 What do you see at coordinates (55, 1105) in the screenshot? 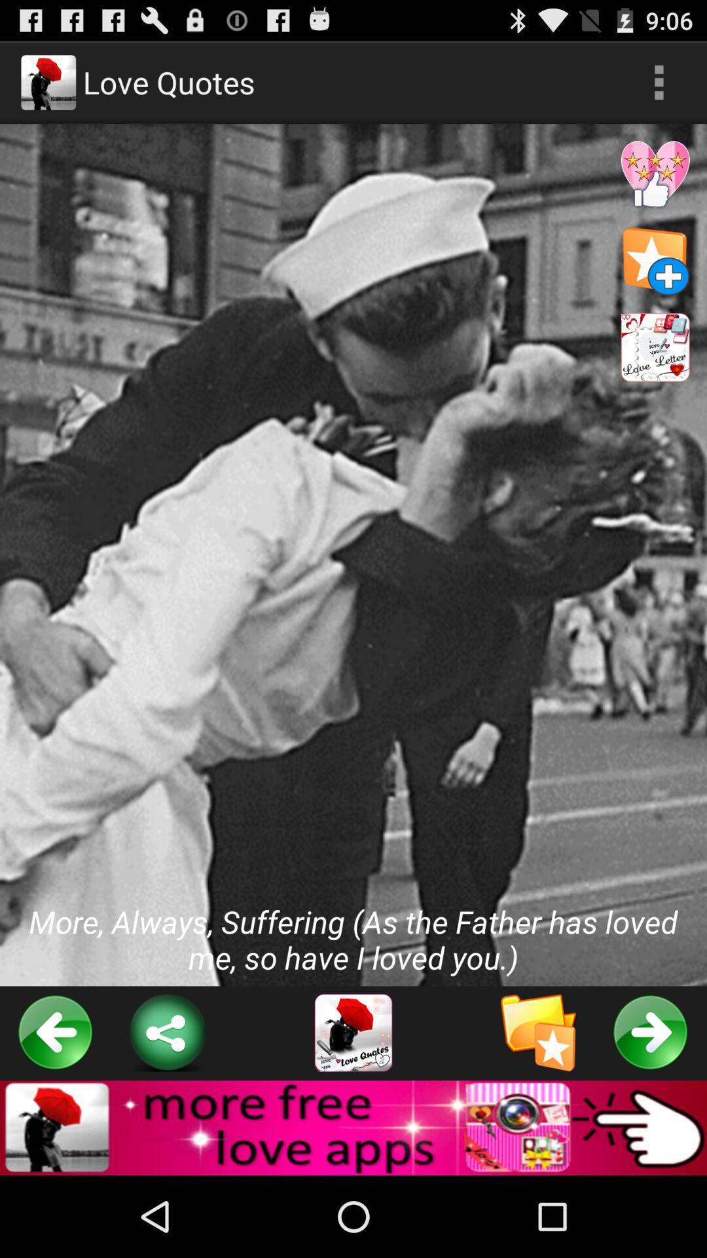
I see `the arrow_backward icon` at bounding box center [55, 1105].